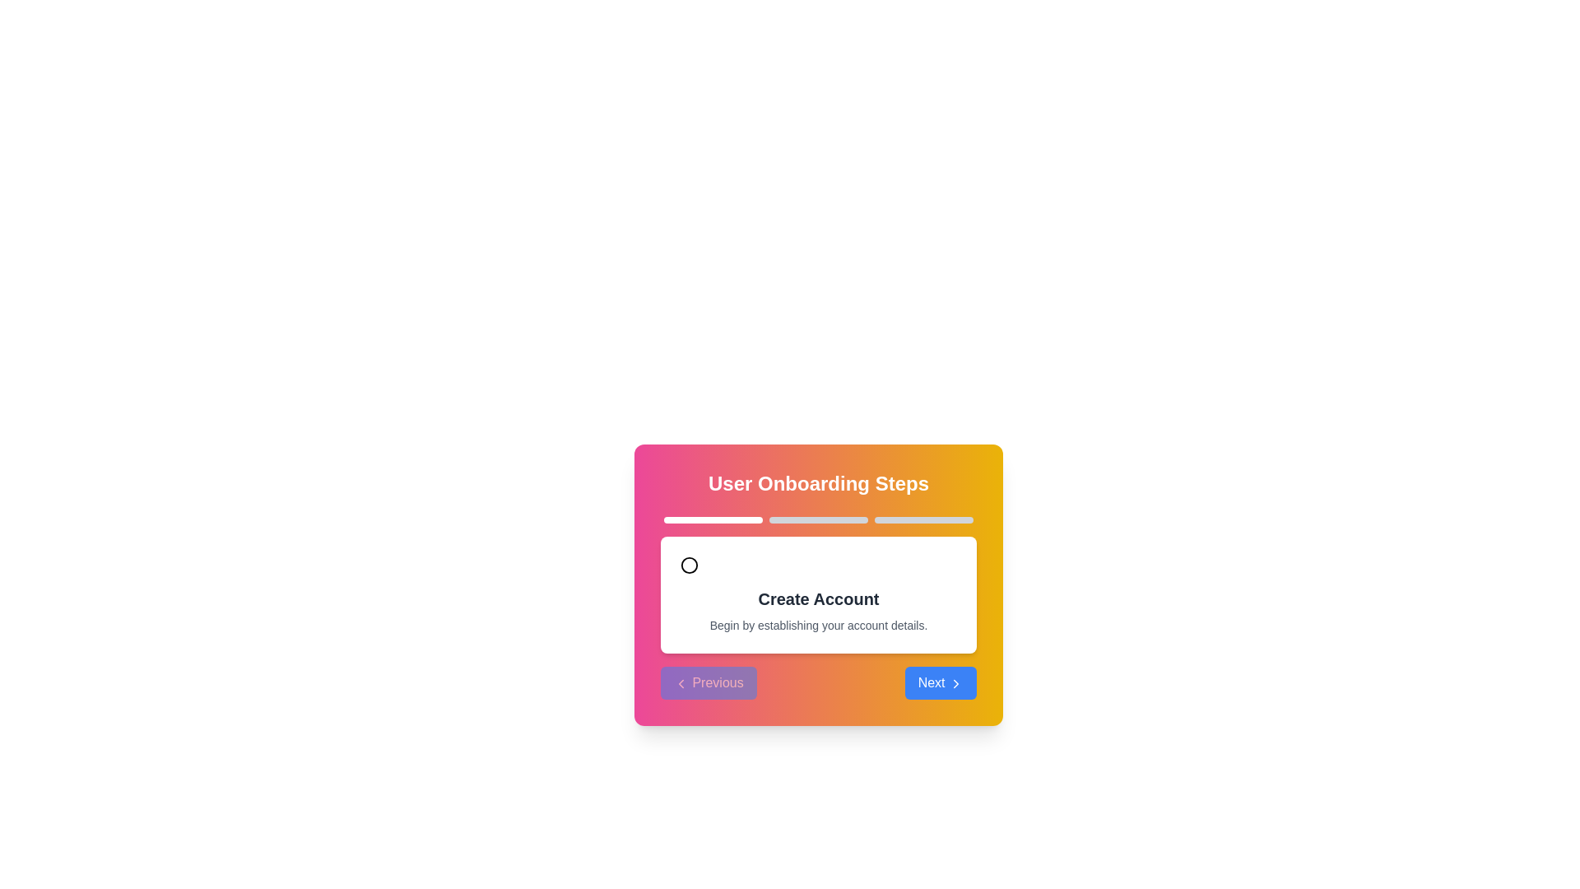  I want to click on the chevron icon within the 'Next' button located at the bottom-right corner of the card-like interface, which is blue with white text, so click(955, 682).